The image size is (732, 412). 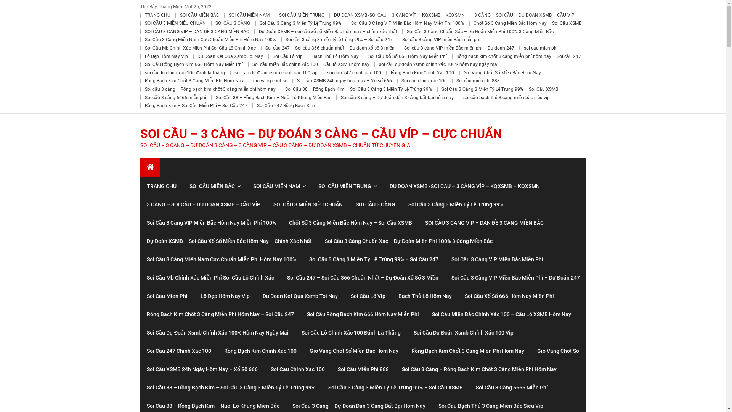 I want to click on 'Gio Vang Chot So', so click(x=558, y=351).